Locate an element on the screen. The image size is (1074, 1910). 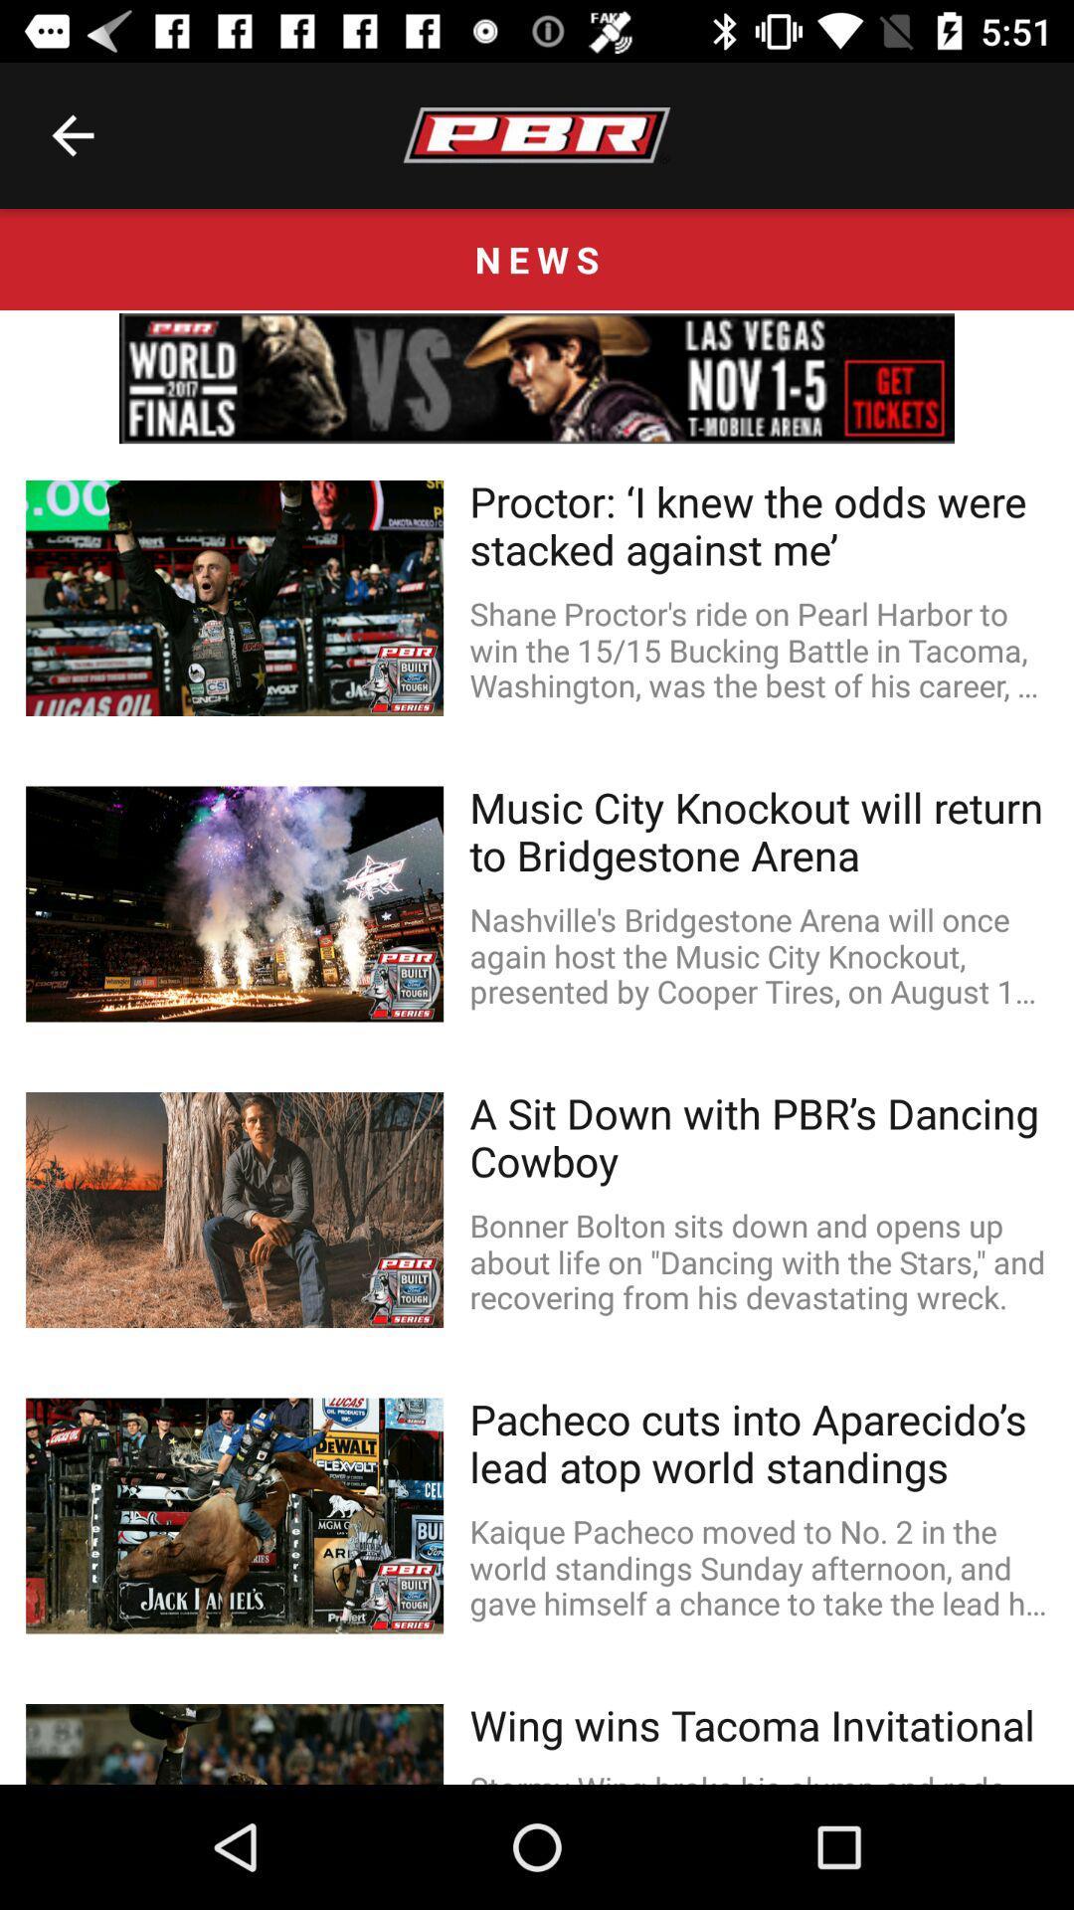
pop-up advertisement is located at coordinates (537, 378).